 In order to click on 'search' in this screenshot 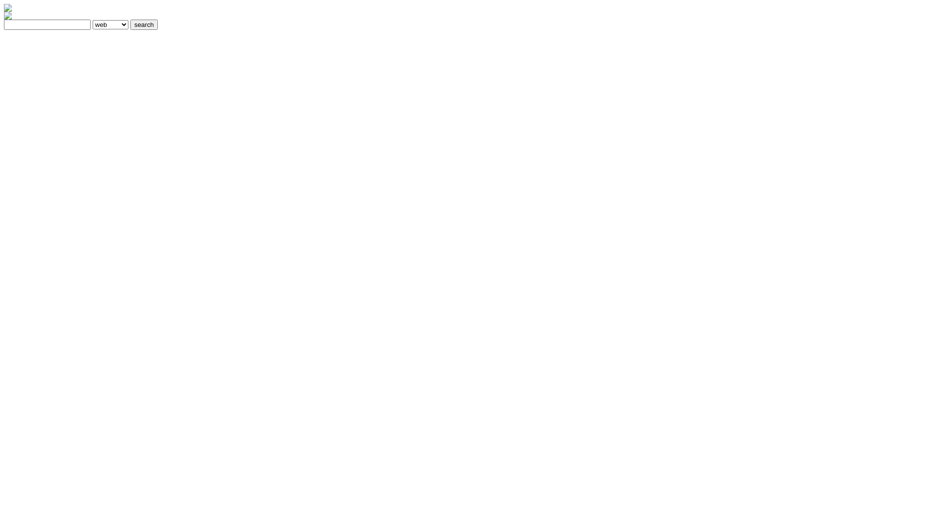, I will do `click(143, 24)`.